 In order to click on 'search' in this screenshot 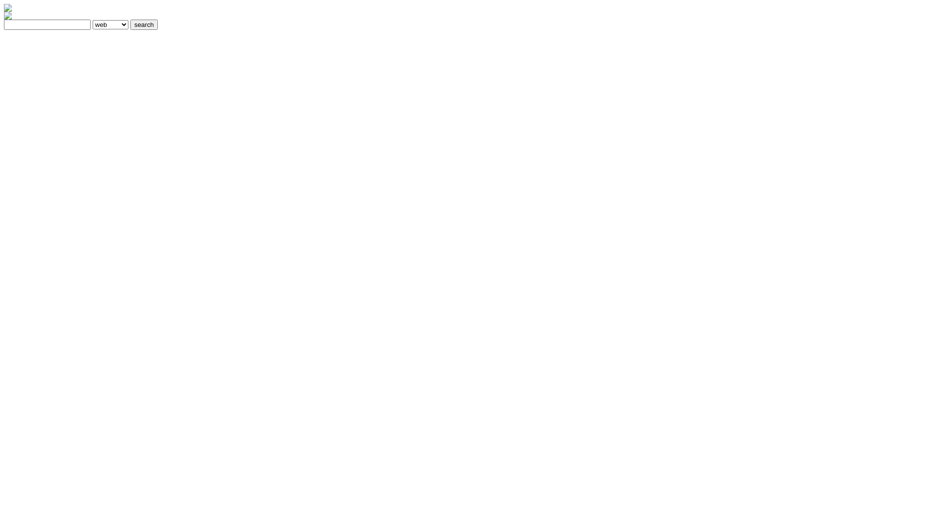, I will do `click(143, 24)`.